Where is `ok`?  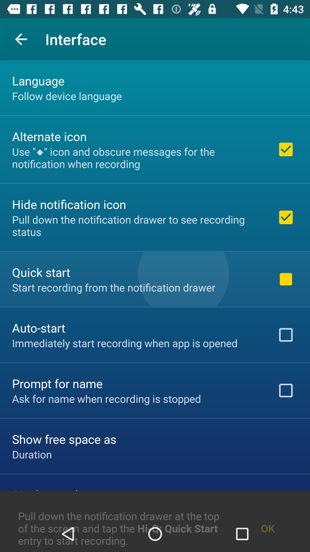 ok is located at coordinates (268, 514).